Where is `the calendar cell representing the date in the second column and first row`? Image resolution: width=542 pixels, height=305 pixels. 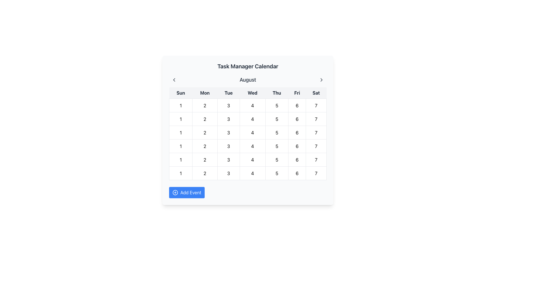
the calendar cell representing the date in the second column and first row is located at coordinates (204, 132).